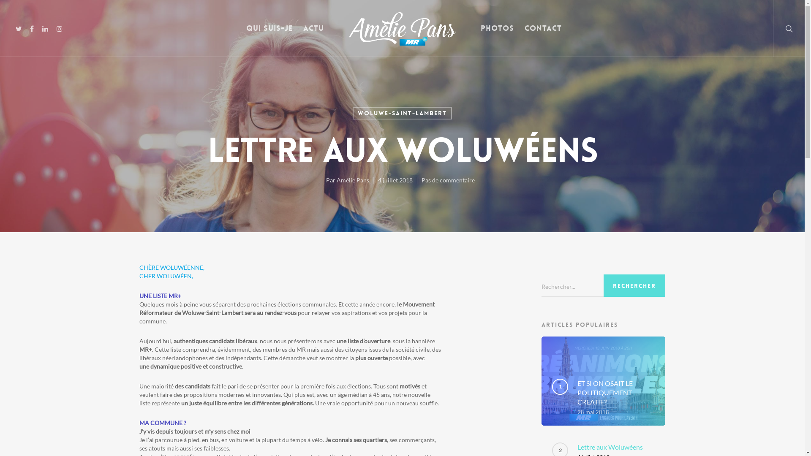 Image resolution: width=811 pixels, height=456 pixels. I want to click on 'Contact', so click(543, 34).